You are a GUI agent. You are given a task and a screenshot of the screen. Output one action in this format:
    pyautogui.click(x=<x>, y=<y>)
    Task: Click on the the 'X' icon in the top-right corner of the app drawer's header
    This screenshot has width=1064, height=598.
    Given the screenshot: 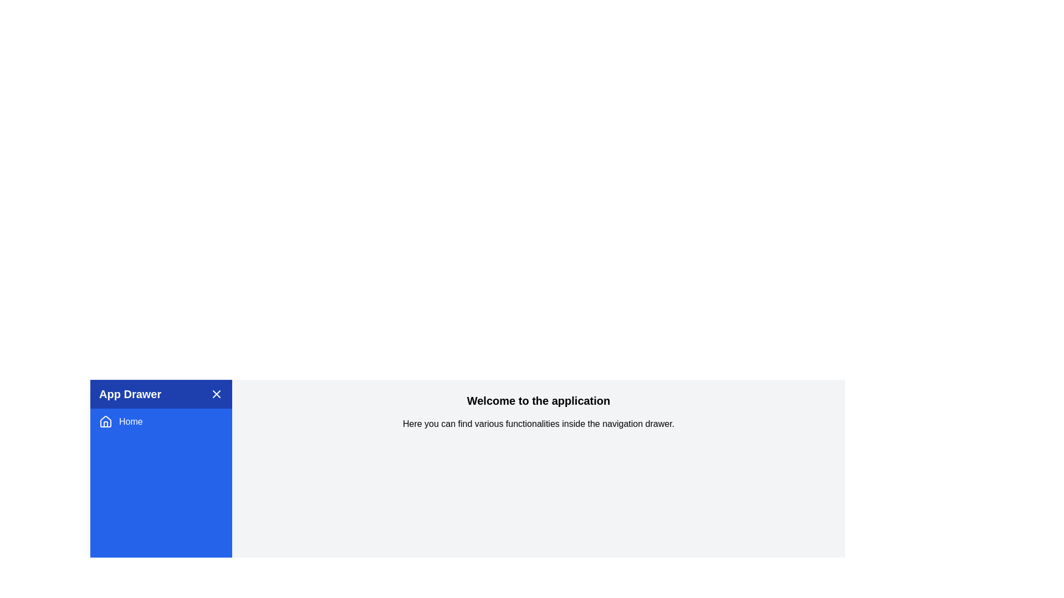 What is the action you would take?
    pyautogui.click(x=216, y=394)
    